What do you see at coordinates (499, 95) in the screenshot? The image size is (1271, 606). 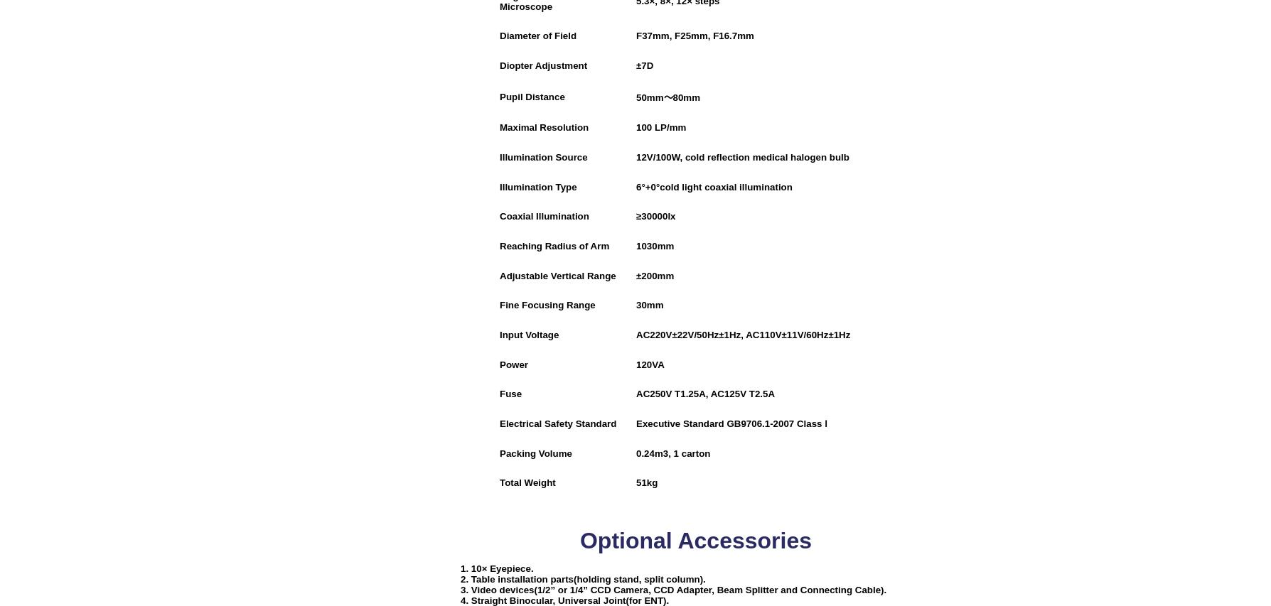 I see `'Pupil Distance'` at bounding box center [499, 95].